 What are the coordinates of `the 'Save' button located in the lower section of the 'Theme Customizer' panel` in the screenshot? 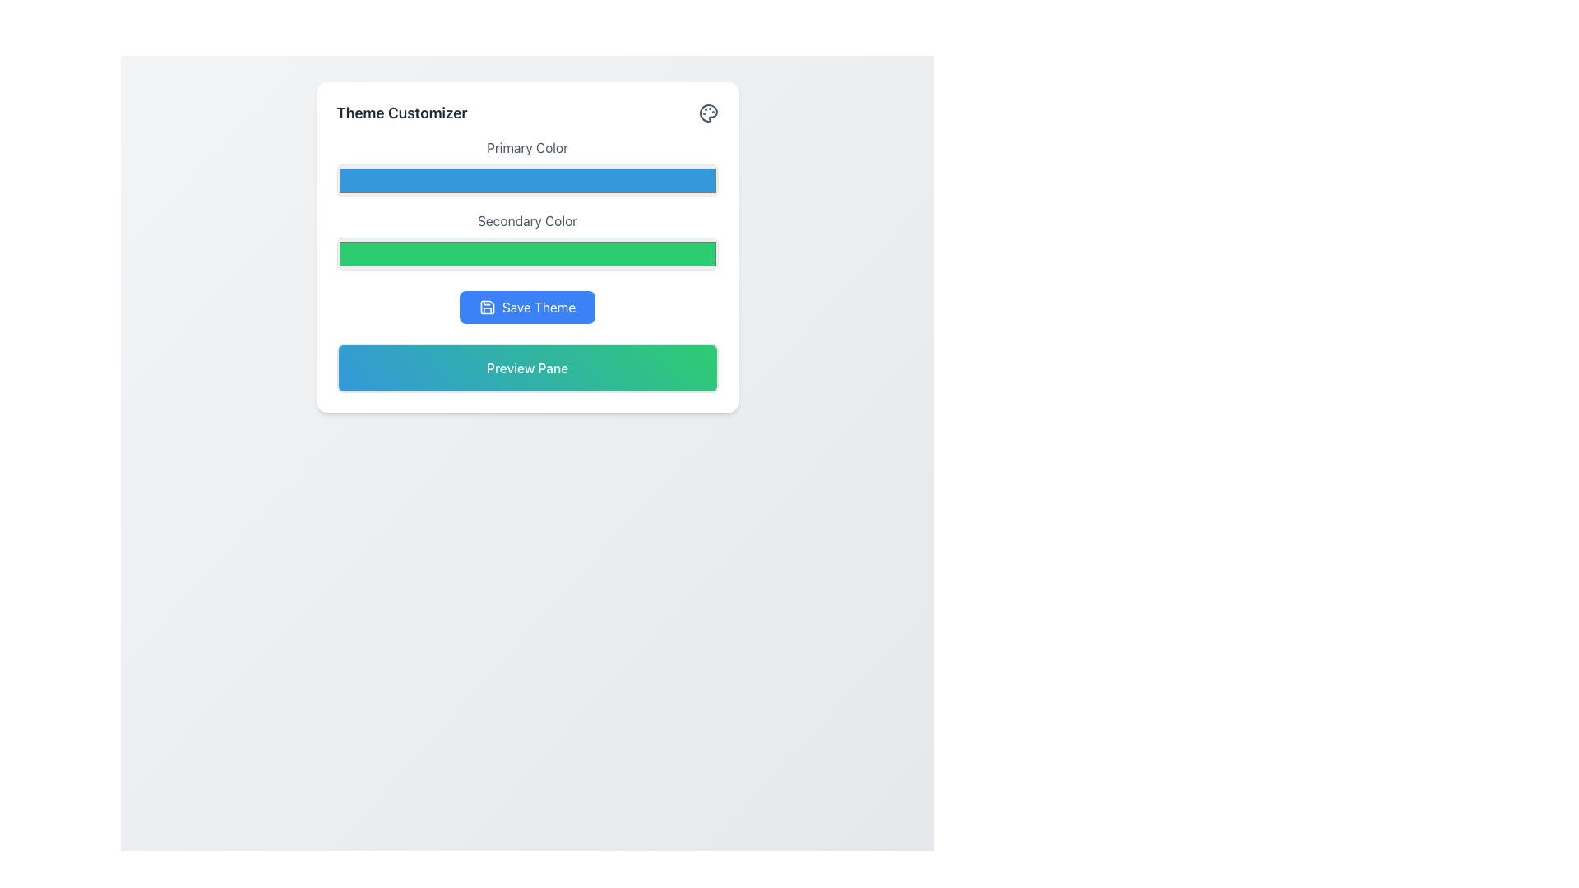 It's located at (527, 308).